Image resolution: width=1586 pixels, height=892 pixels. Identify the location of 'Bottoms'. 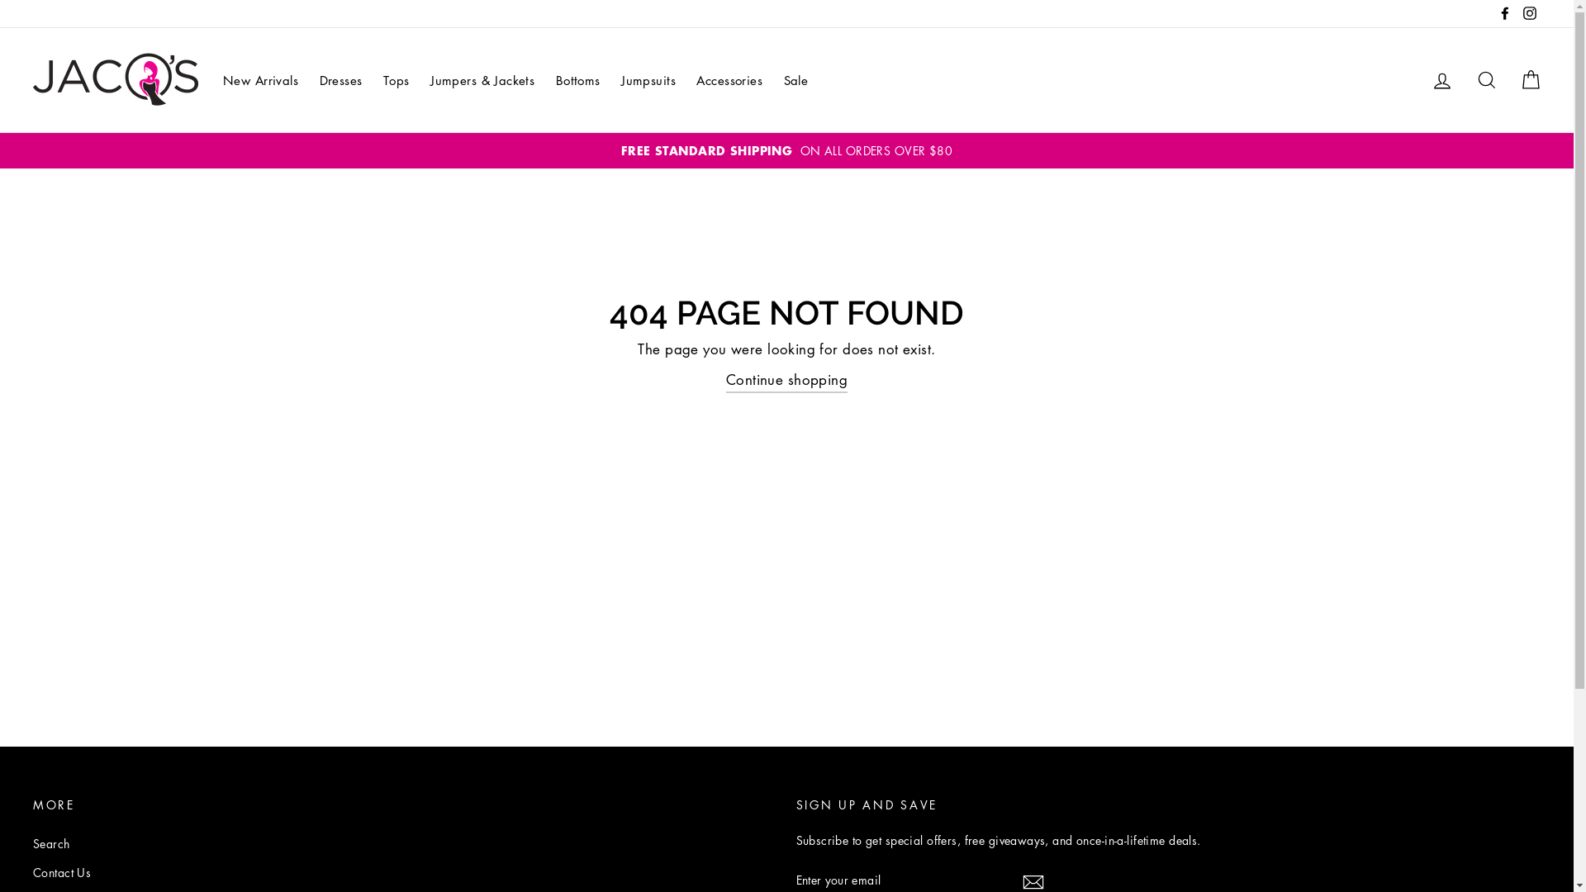
(578, 80).